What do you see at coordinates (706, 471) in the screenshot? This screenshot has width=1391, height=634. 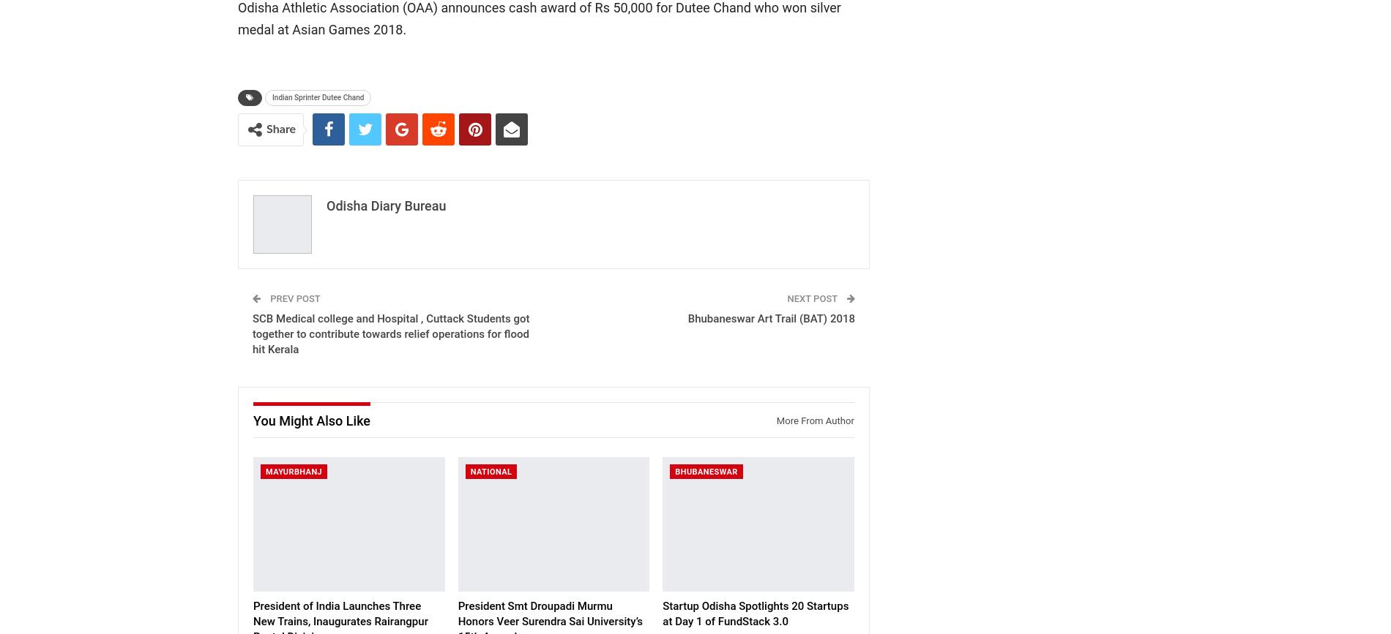 I see `'Bhubaneswar'` at bounding box center [706, 471].